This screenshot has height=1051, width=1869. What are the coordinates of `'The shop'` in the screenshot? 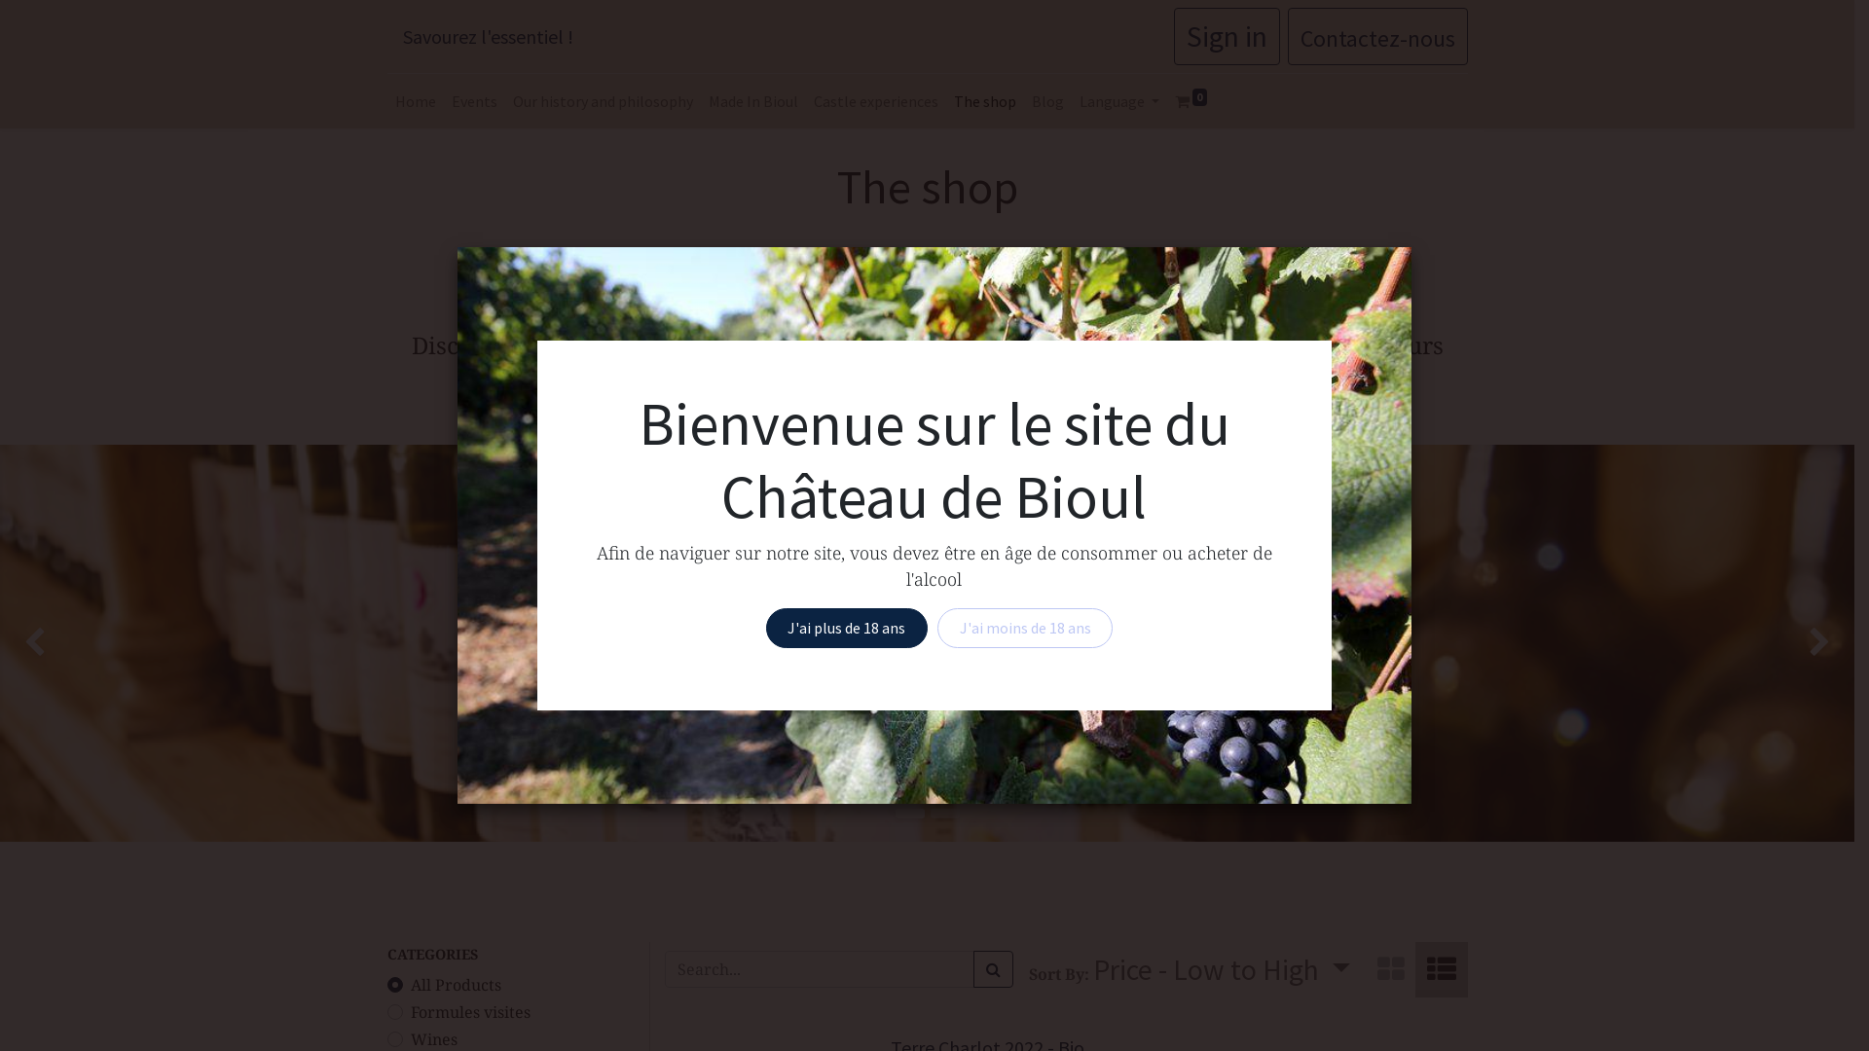 It's located at (985, 101).